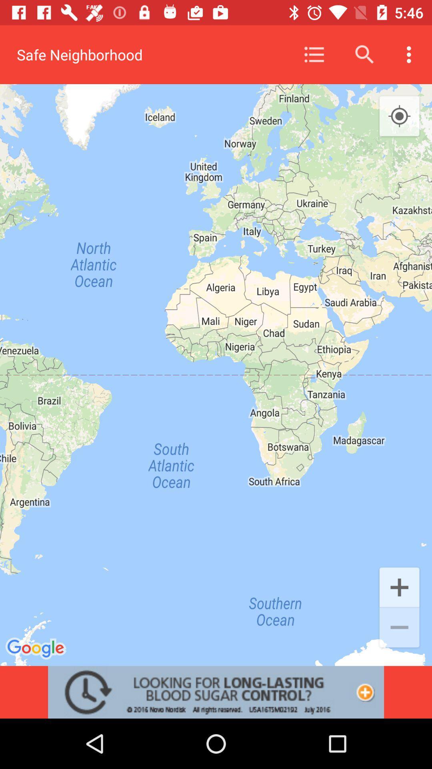  I want to click on advertising, so click(216, 692).